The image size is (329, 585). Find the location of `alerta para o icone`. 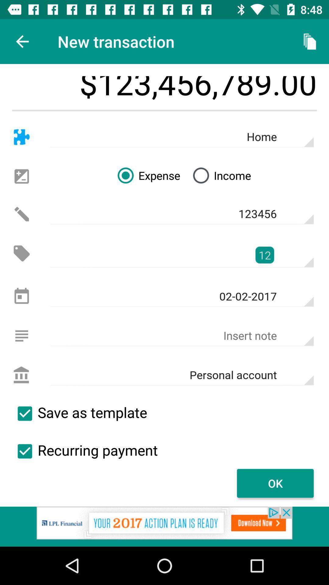

alerta para o icone is located at coordinates (21, 214).